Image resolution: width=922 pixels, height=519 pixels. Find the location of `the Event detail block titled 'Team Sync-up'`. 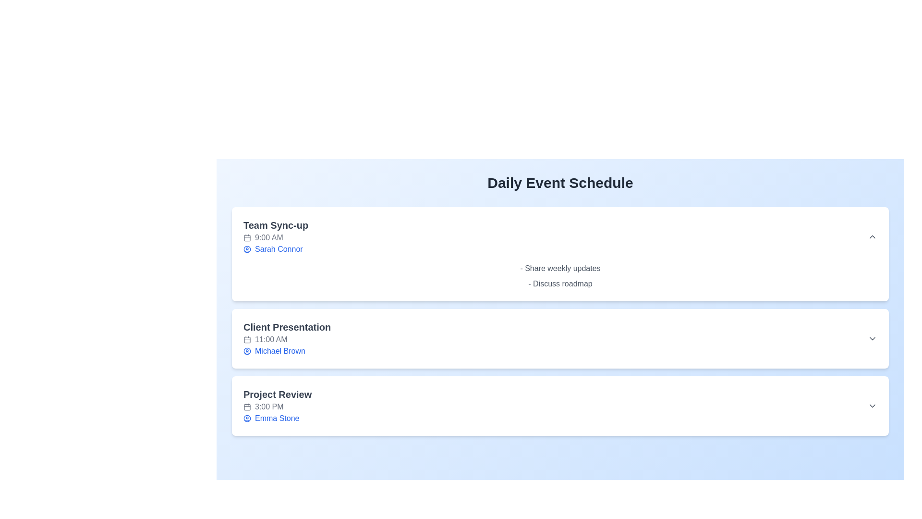

the Event detail block titled 'Team Sync-up' is located at coordinates (560, 237).